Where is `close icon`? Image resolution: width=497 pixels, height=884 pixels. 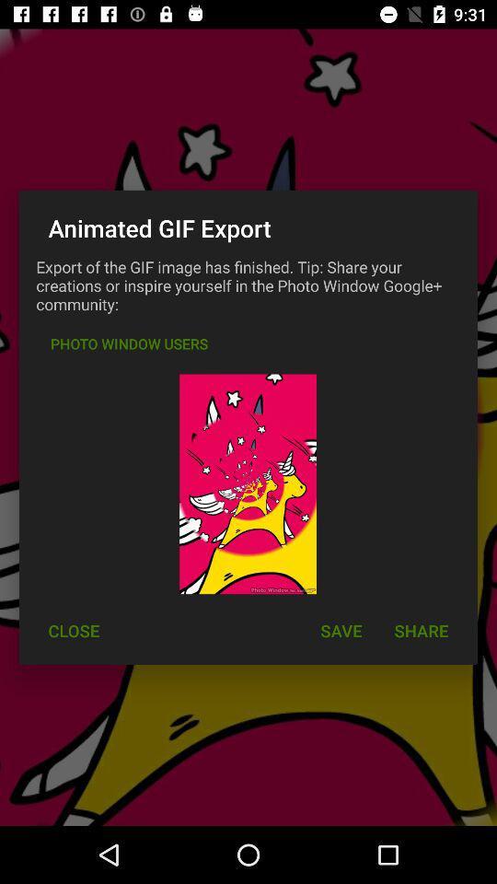 close icon is located at coordinates (73, 631).